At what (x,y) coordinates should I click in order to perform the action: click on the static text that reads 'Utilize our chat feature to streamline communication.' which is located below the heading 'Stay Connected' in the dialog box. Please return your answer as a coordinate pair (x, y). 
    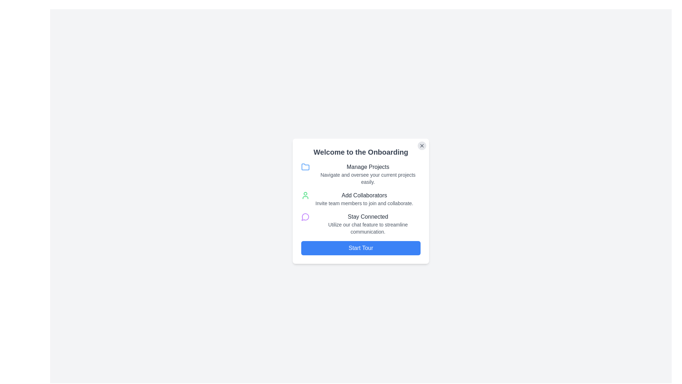
    Looking at the image, I should click on (368, 228).